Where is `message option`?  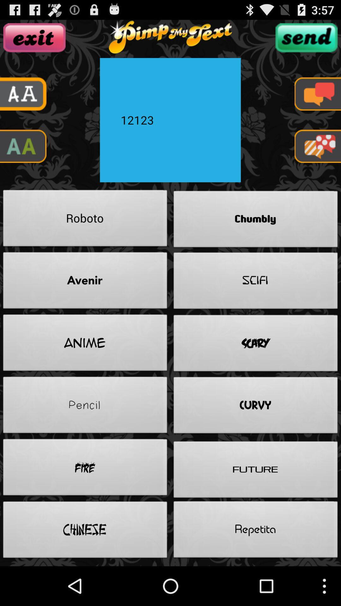 message option is located at coordinates (318, 146).